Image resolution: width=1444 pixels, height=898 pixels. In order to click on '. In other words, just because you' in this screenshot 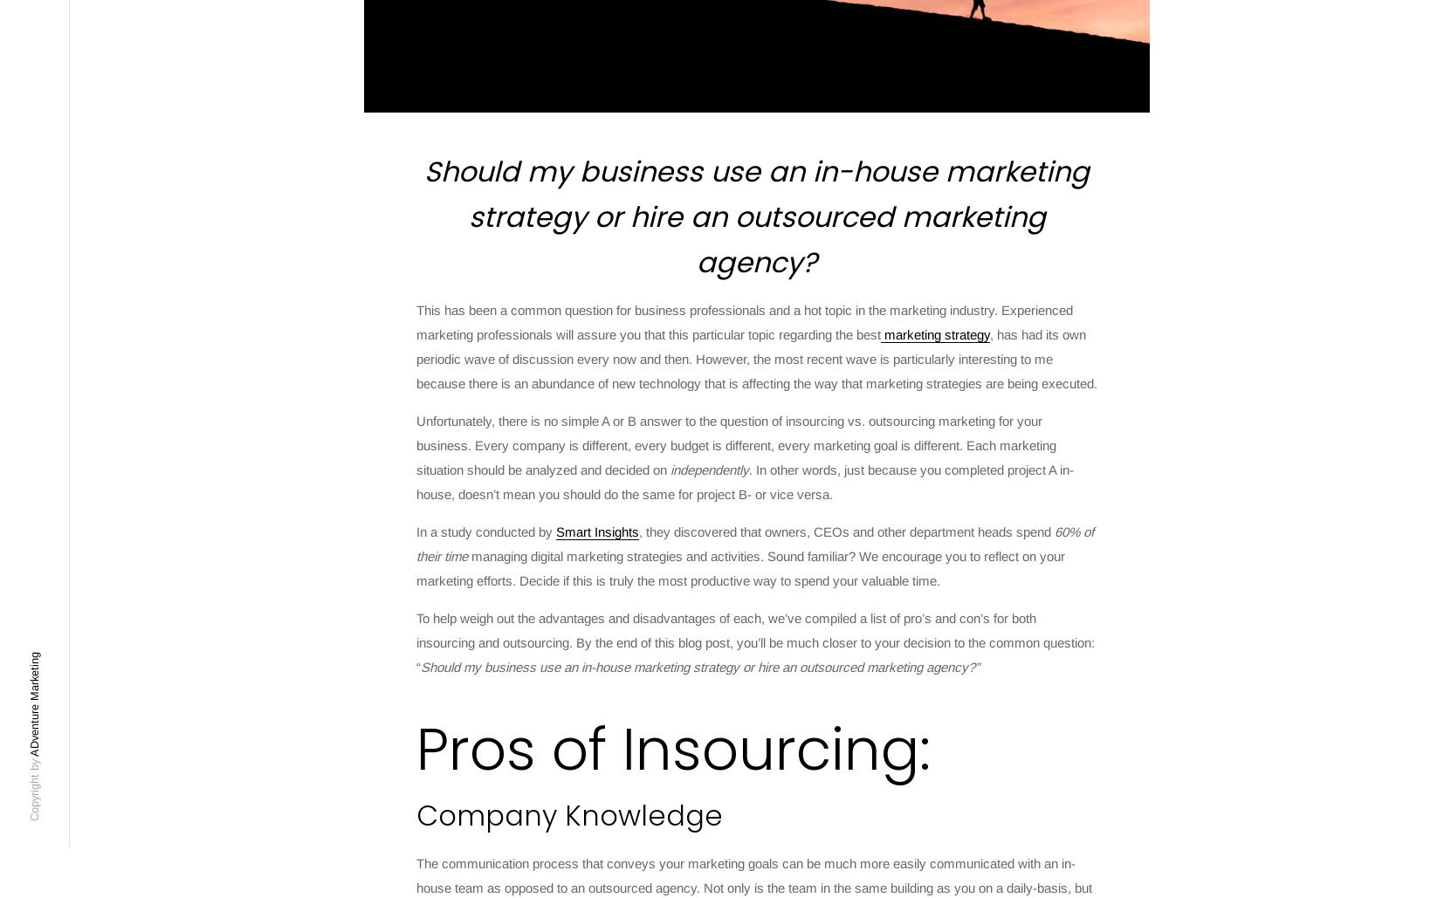, I will do `click(846, 469)`.